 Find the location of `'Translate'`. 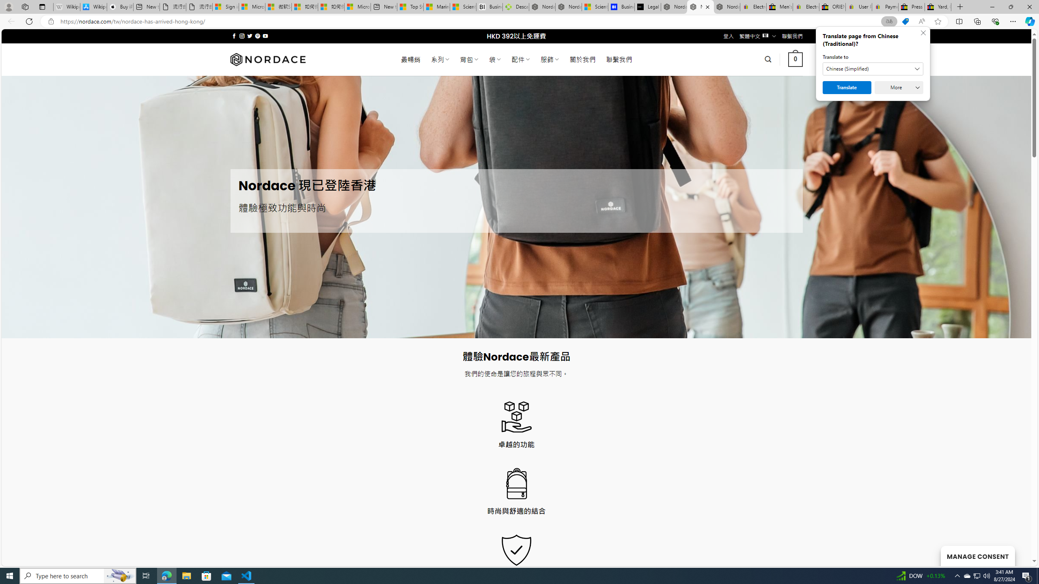

'Translate' is located at coordinates (847, 87).